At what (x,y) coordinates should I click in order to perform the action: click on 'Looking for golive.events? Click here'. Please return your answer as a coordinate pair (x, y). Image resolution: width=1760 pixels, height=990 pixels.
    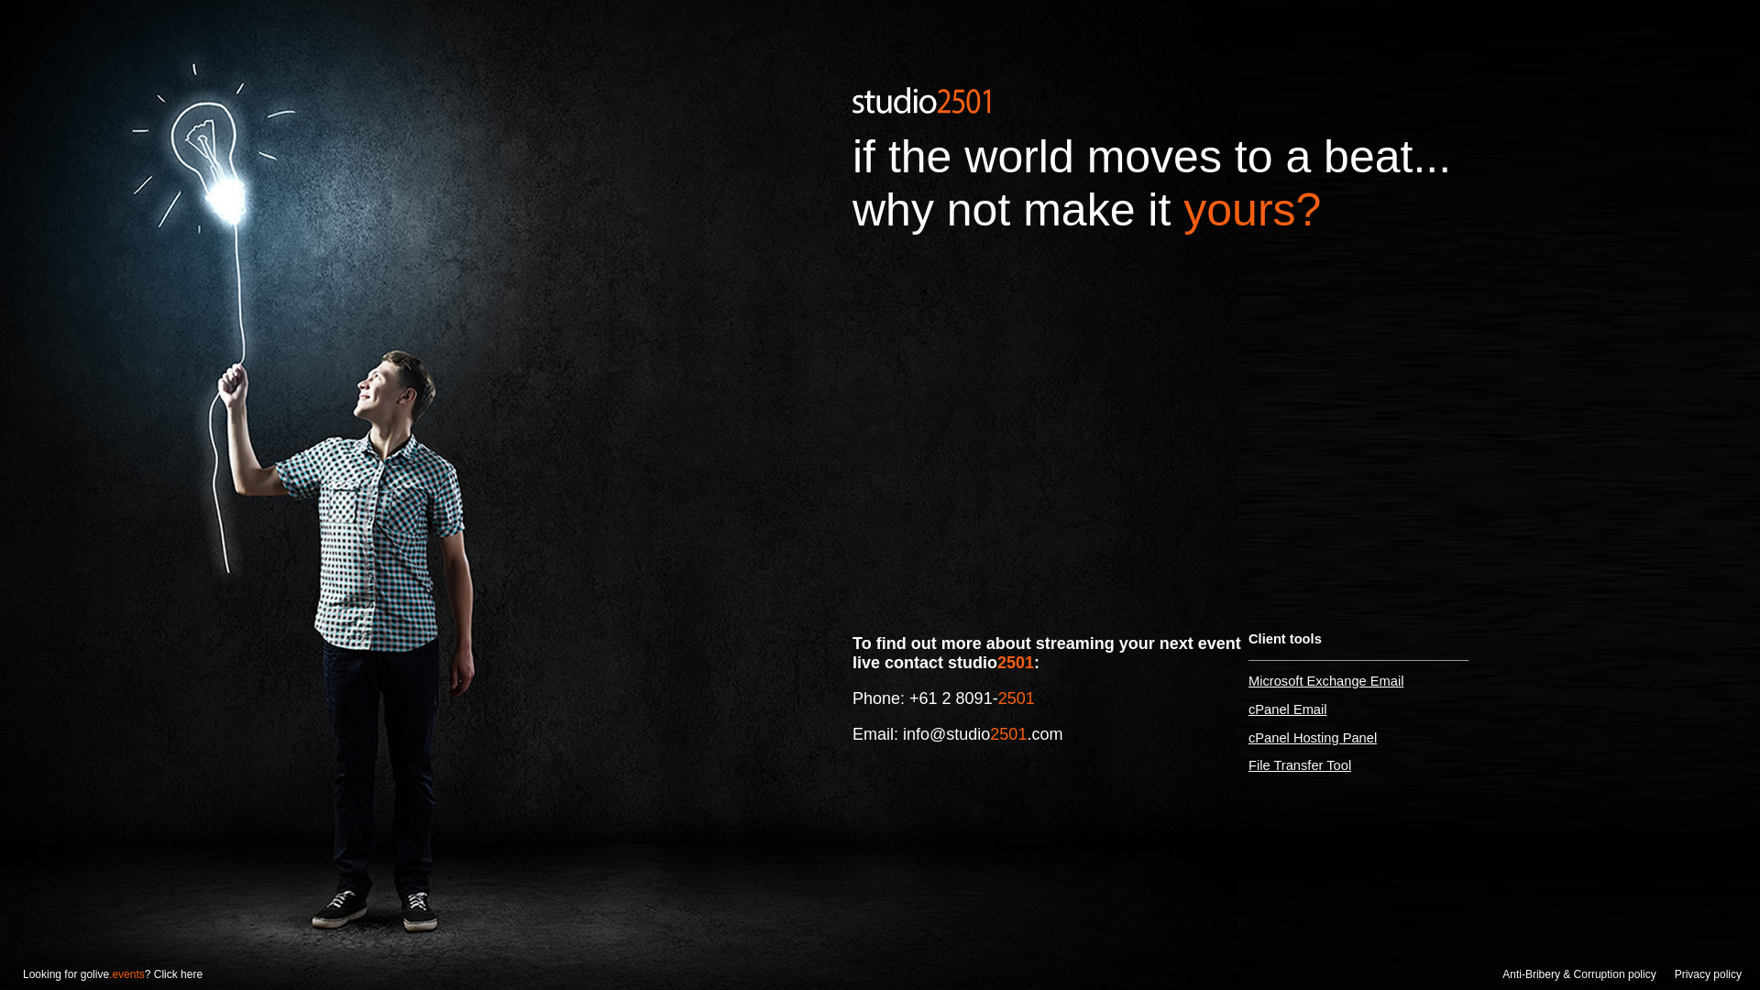
    Looking at the image, I should click on (0, 973).